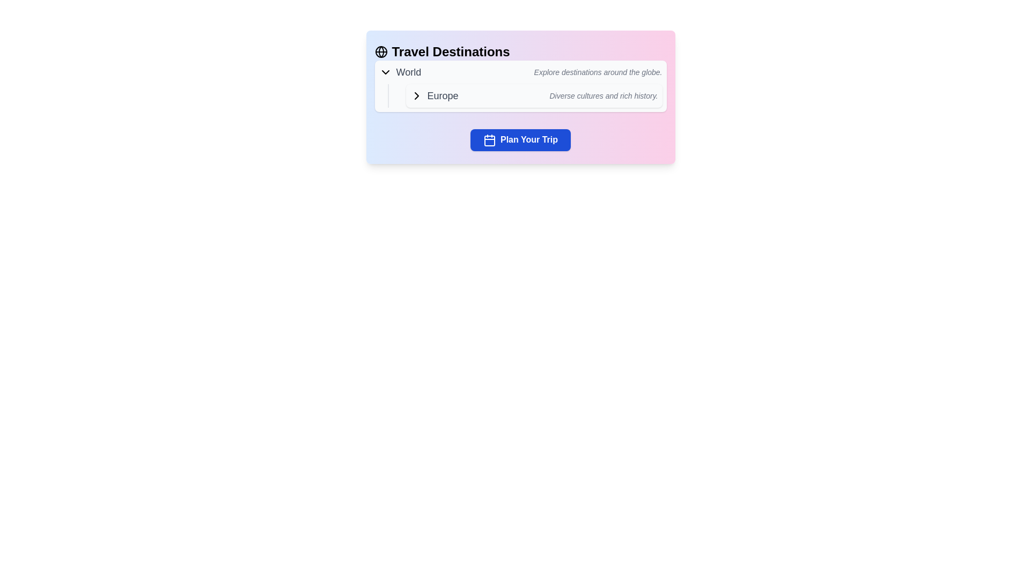  Describe the element at coordinates (597, 72) in the screenshot. I see `the static label reading 'Explore destinations around the globe.' which is styled in italic and small gray font, located to the right of the 'World' text in the navigation interface` at that location.